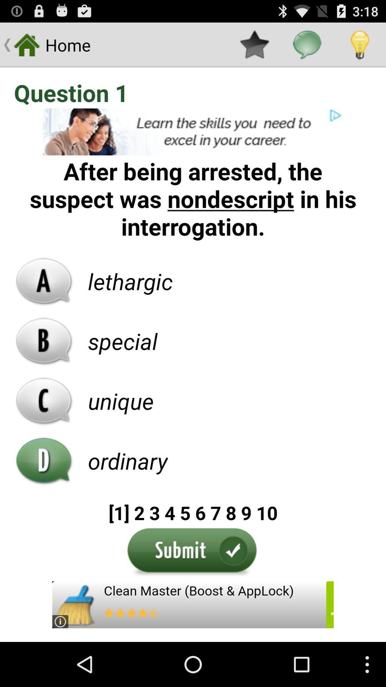  What do you see at coordinates (254, 44) in the screenshot?
I see `the star button at the top of the page` at bounding box center [254, 44].